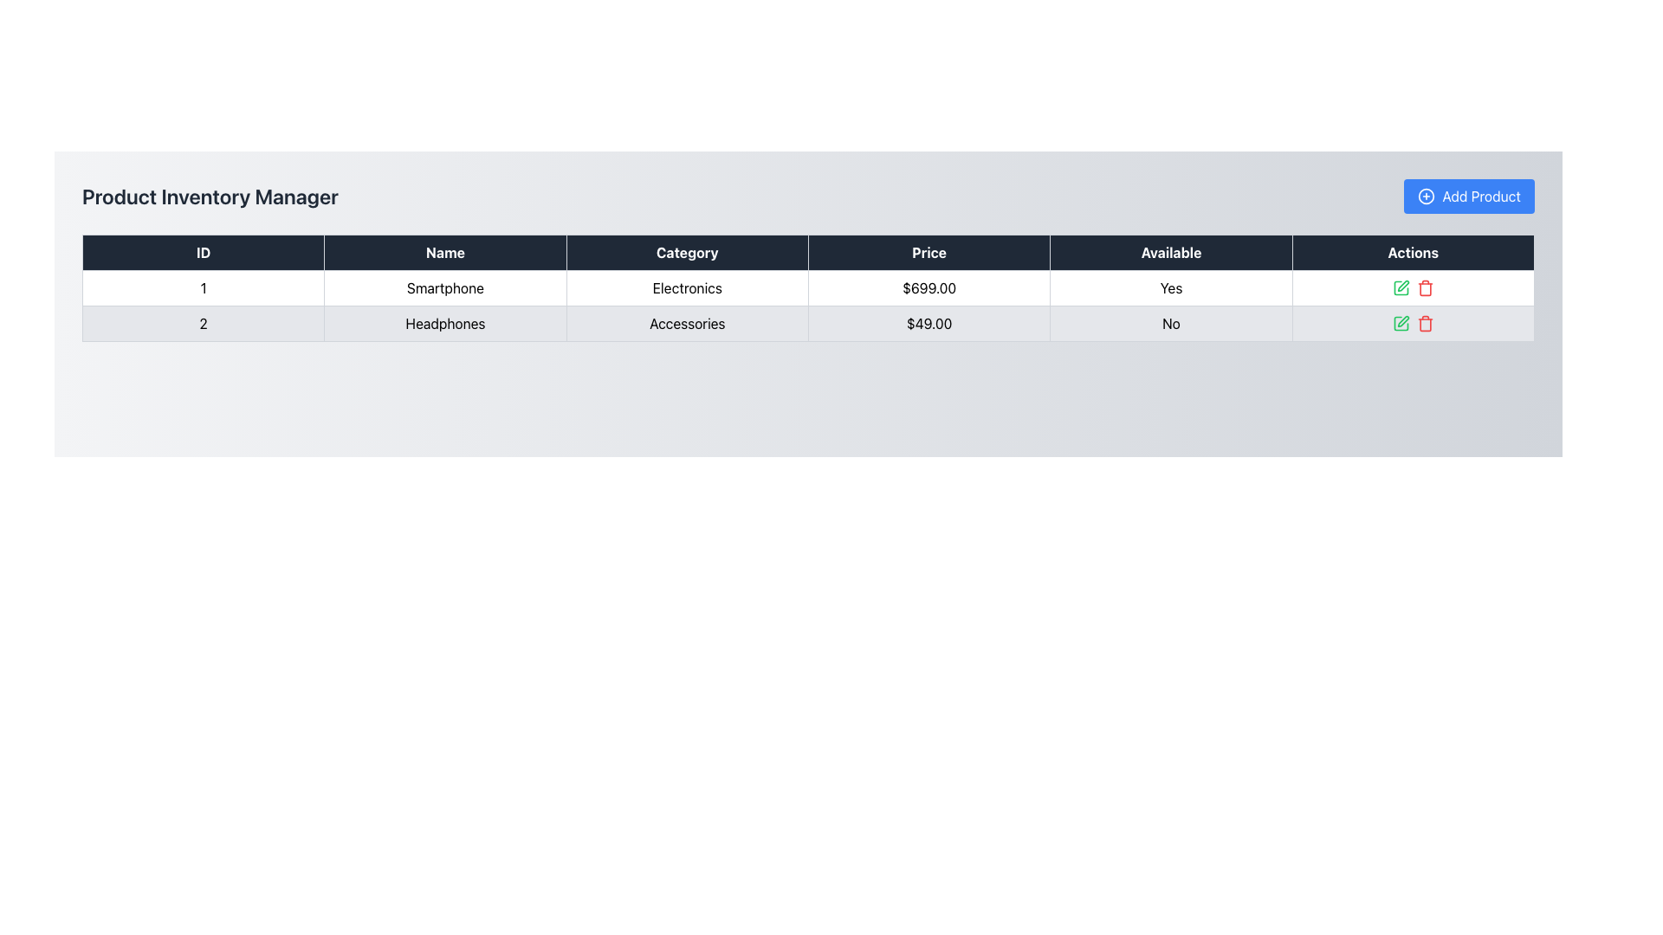 The height and width of the screenshot is (935, 1663). What do you see at coordinates (1171, 287) in the screenshot?
I see `the centered text label reading 'Yes' located in the fifth column of the first row under the 'Available' column in the product information table` at bounding box center [1171, 287].